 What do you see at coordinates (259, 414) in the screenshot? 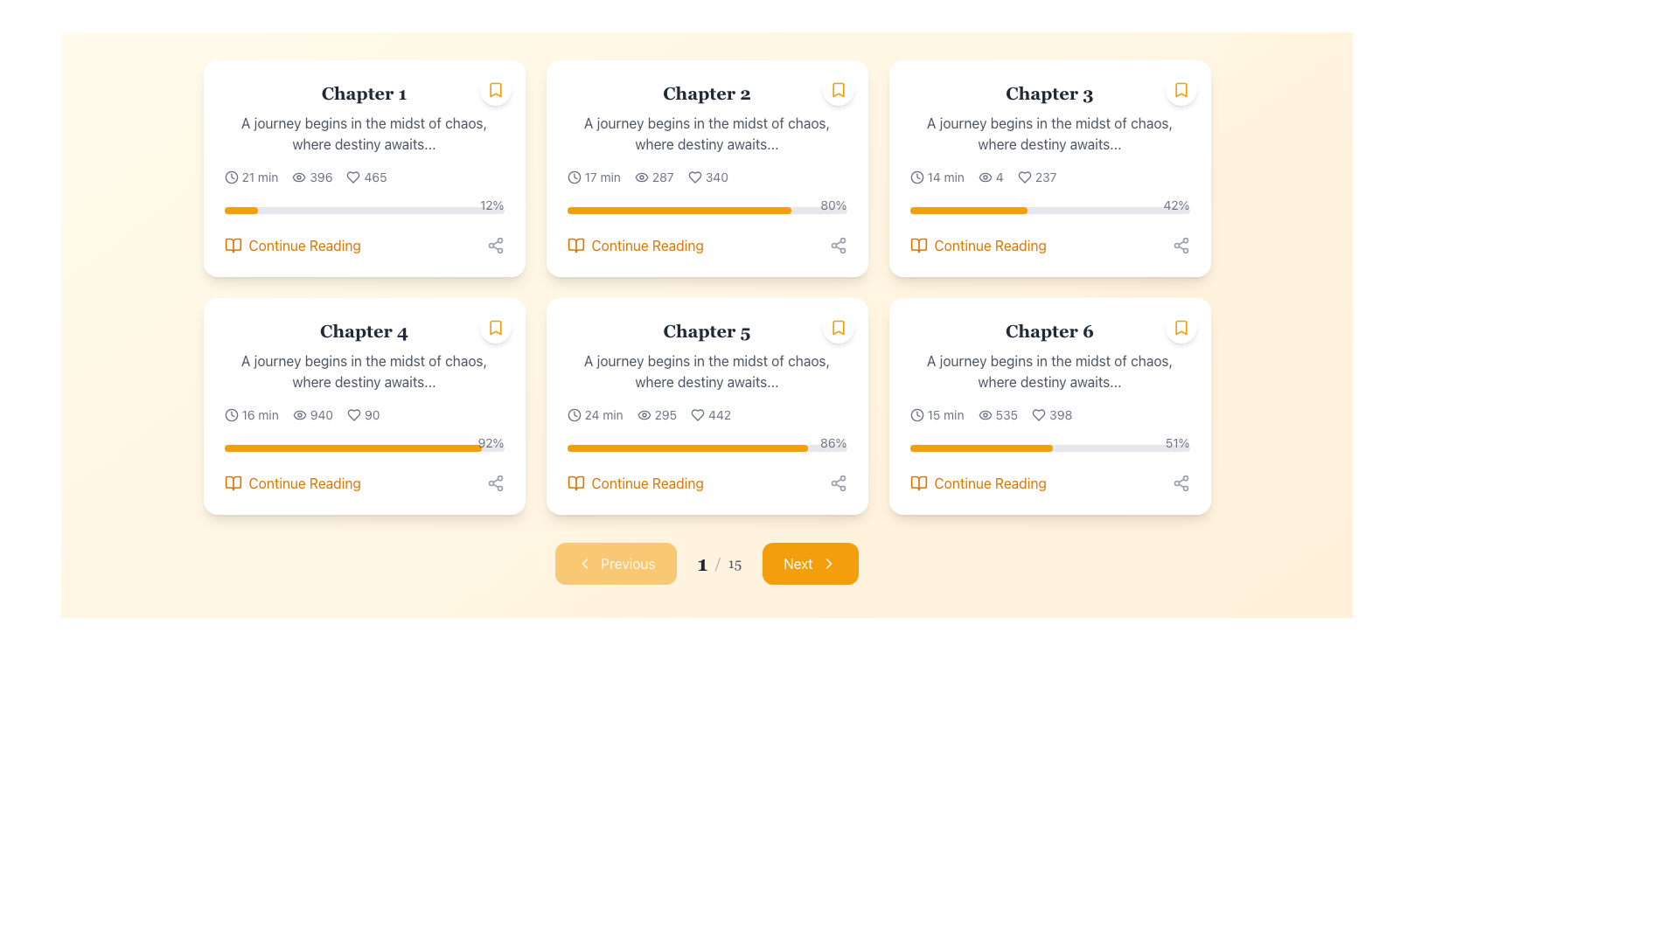
I see `the text label indicating the estimated reading time for Chapter 4, which is located next to a clock icon in the lower-left quadrant of the Chapter 4 card` at bounding box center [259, 414].